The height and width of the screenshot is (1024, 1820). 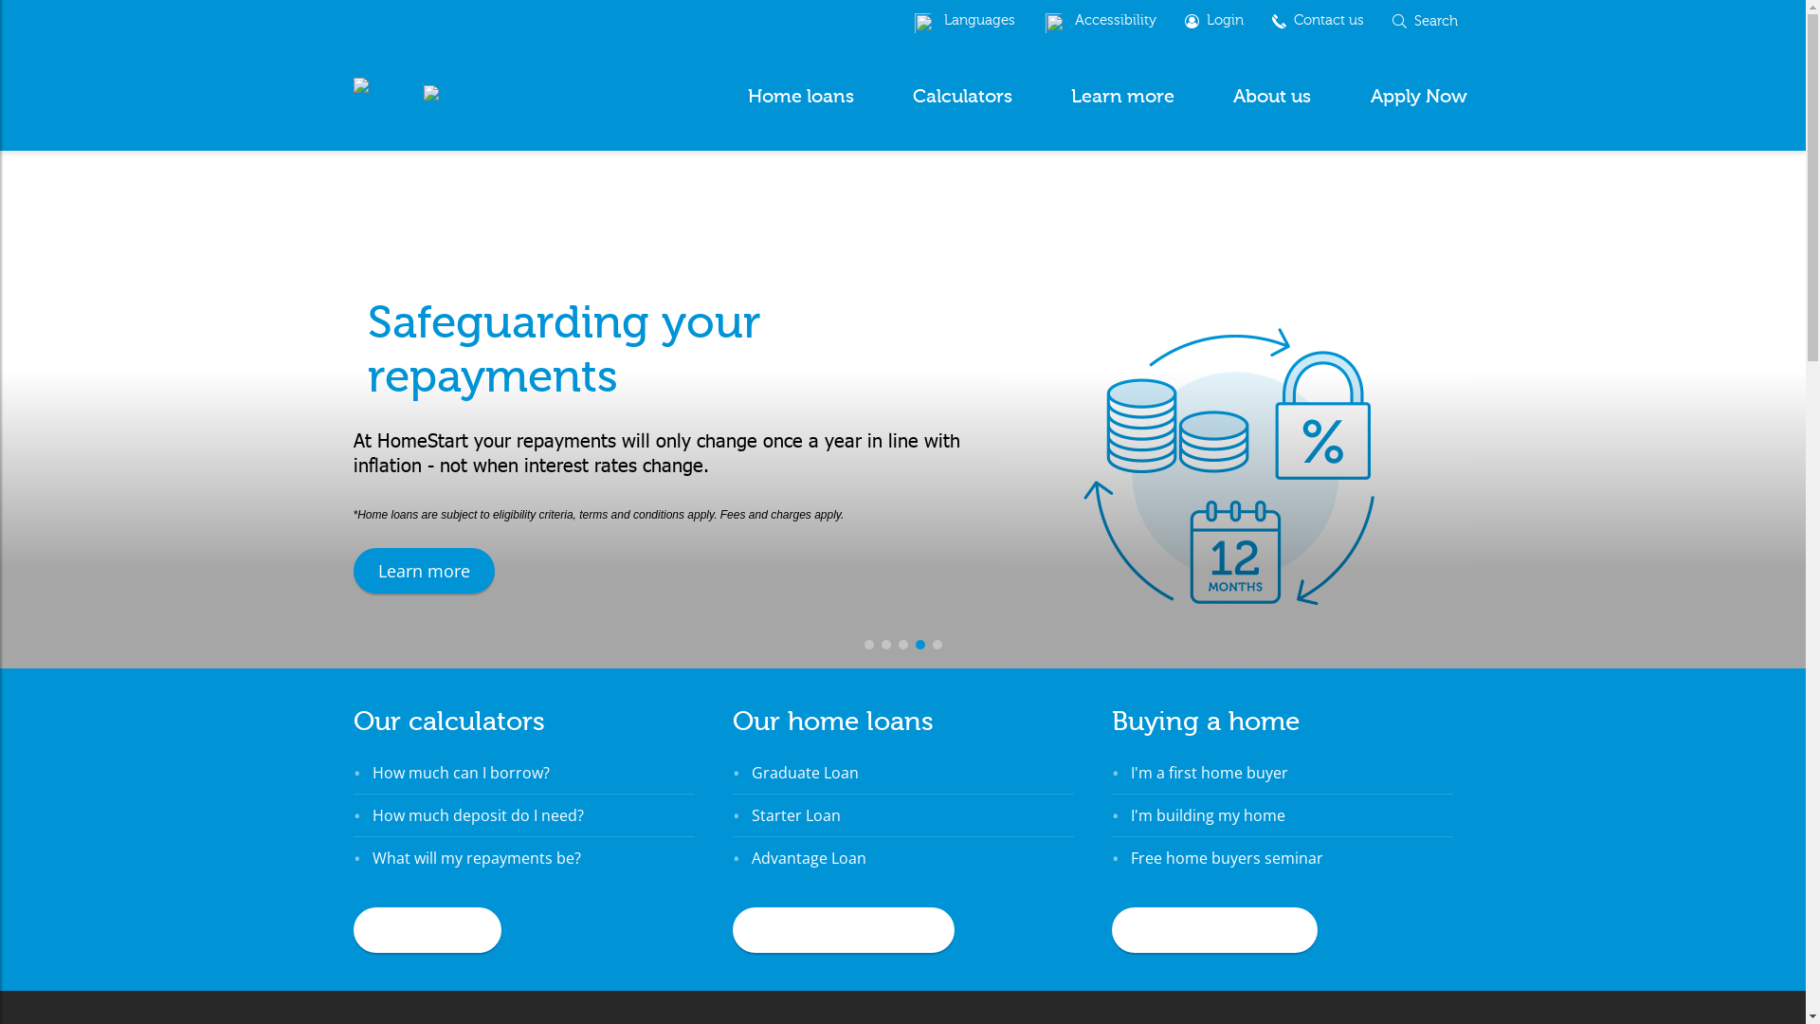 I want to click on 'Languages', so click(x=964, y=21).